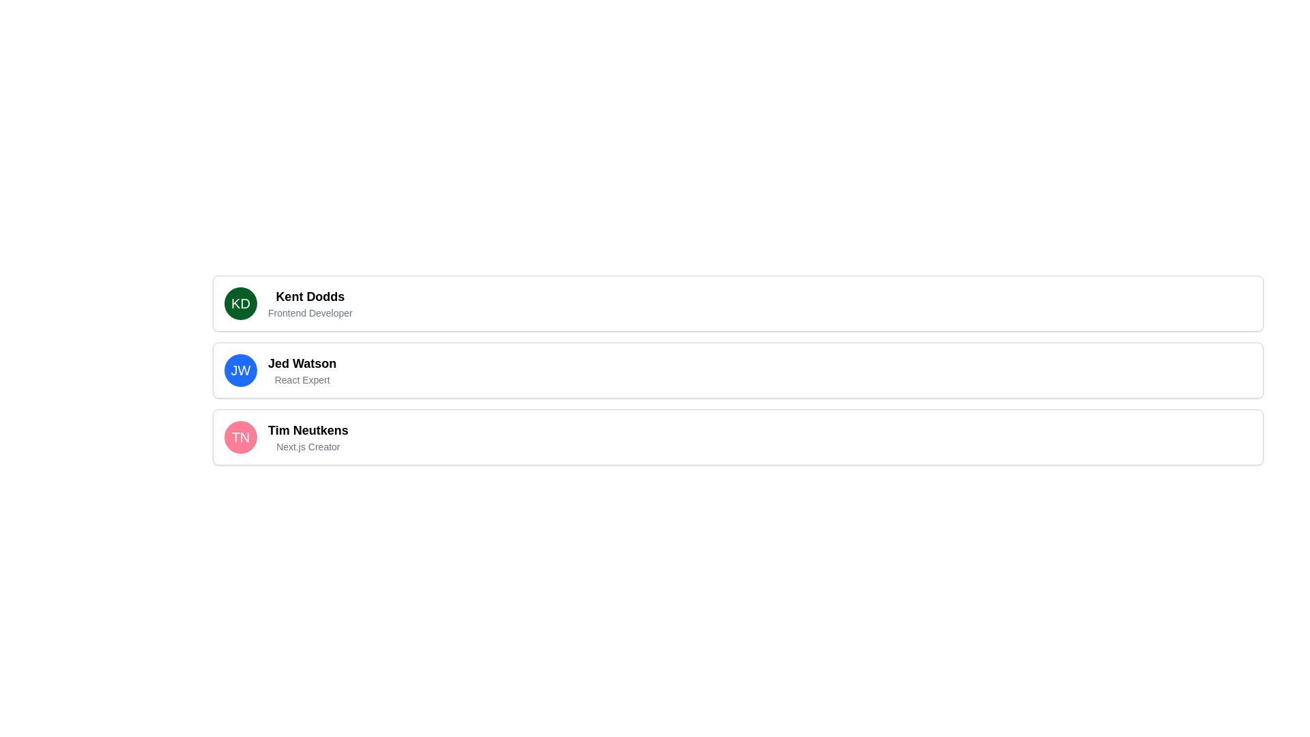  Describe the element at coordinates (309, 296) in the screenshot. I see `the static text label displaying the name of the individual associated with the adjacent avatar, located above the 'Frontend Developer' label in the top-most card of the list` at that location.